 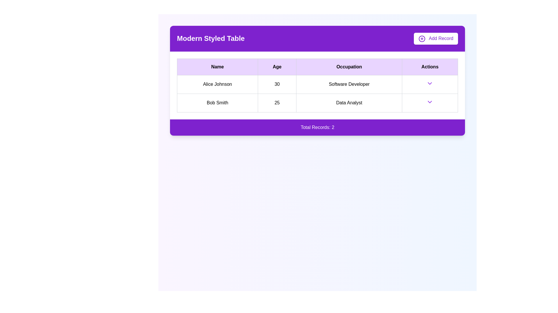 I want to click on the 'Occupation' cell in the first row of the table, which is the third cell located between the 'Age' and 'Actions' columns, so click(x=349, y=84).